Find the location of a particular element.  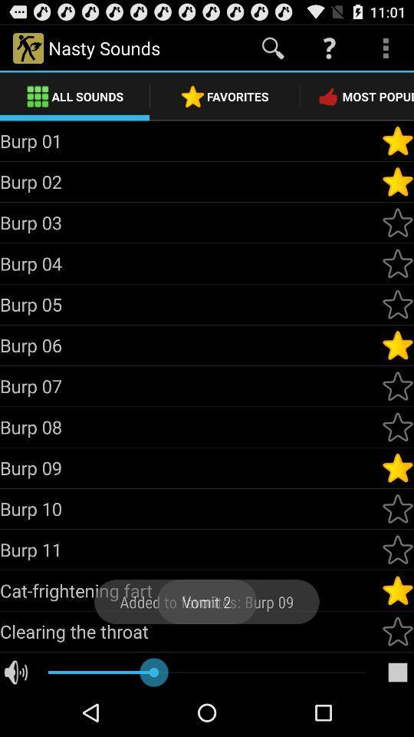

or remove from favorites is located at coordinates (397, 345).